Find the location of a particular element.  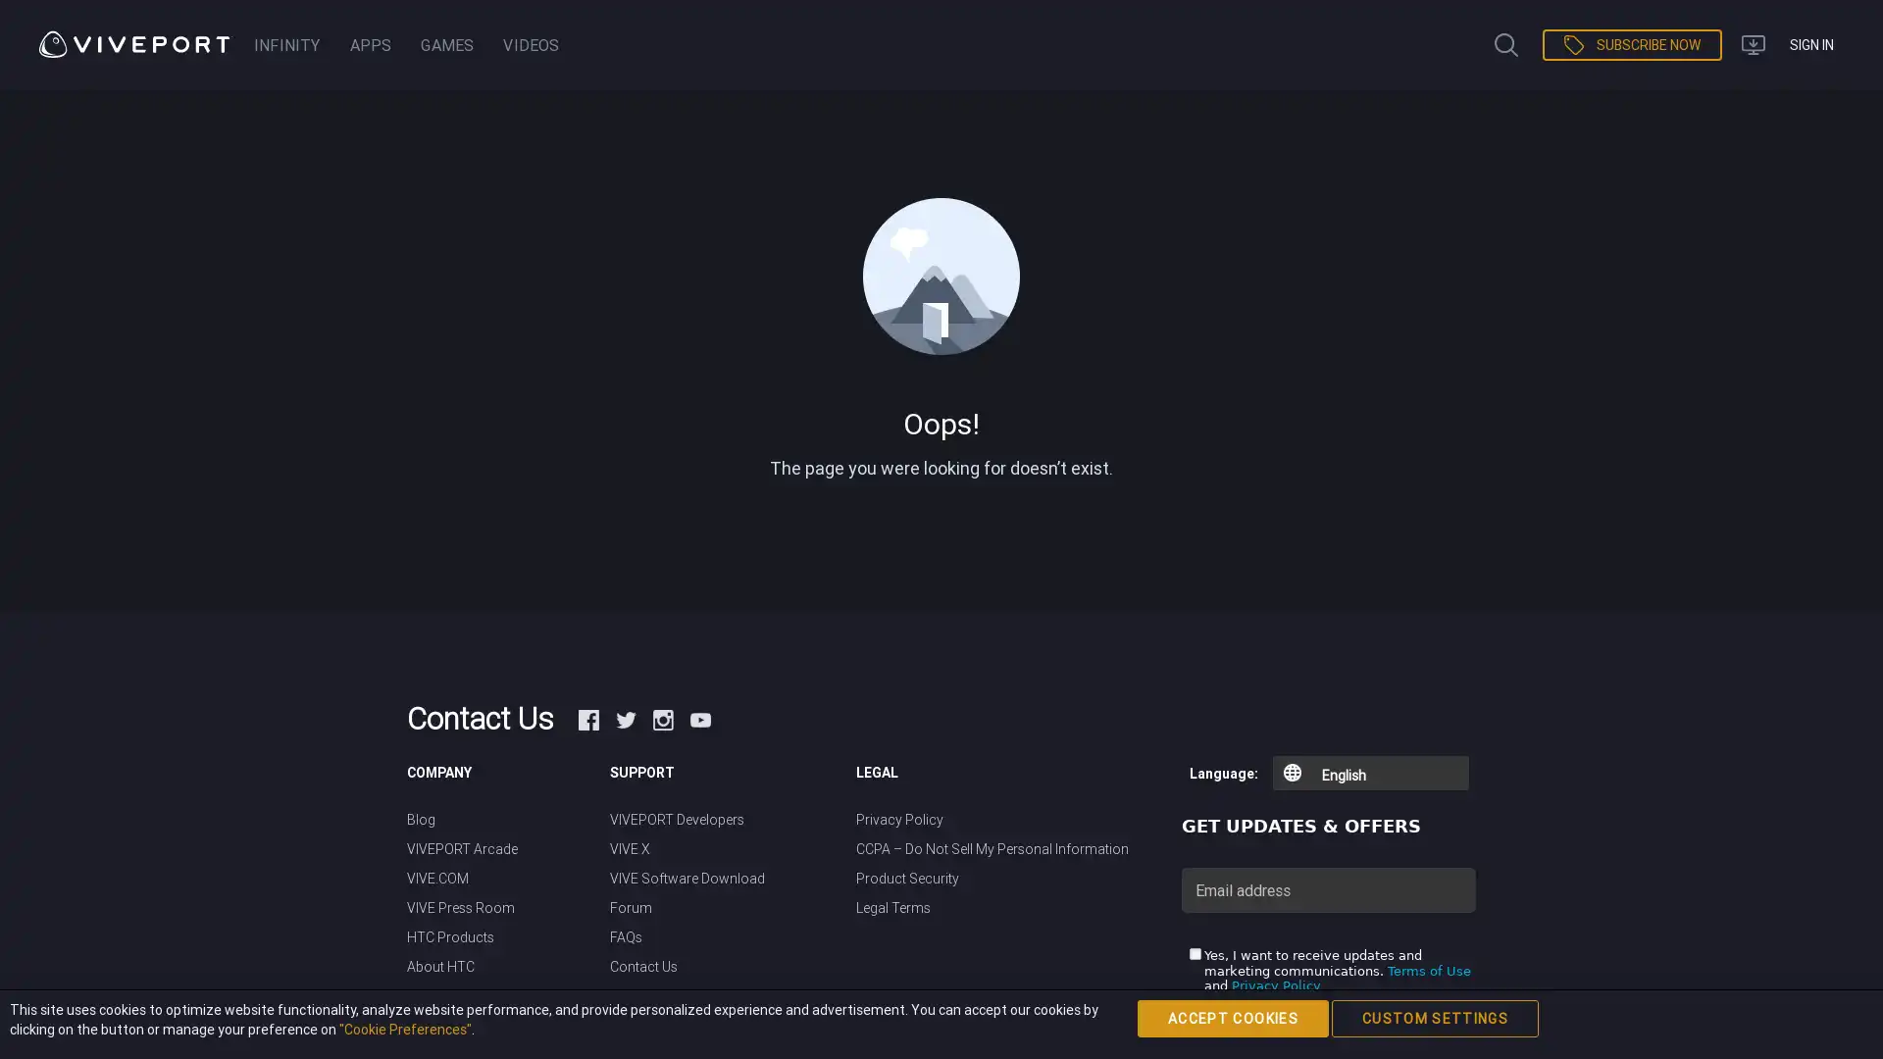

ACCEPT COOKIES is located at coordinates (1232, 1017).